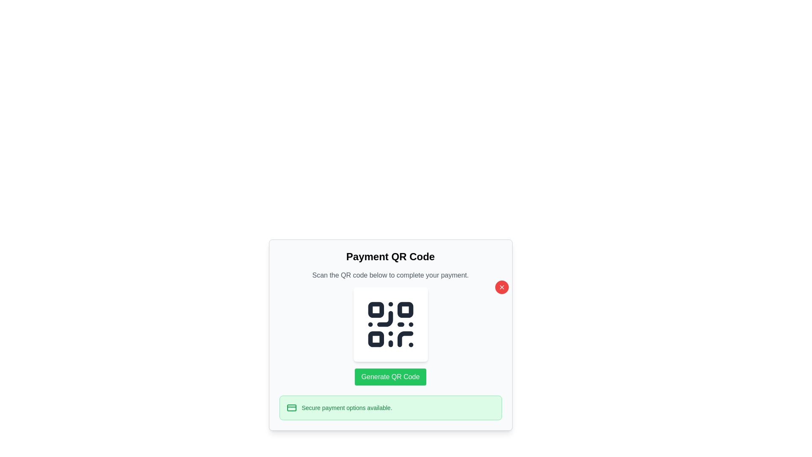  I want to click on the title text element that indicates the purpose of the payment QR code modal, which is located at the top center of the modal, so click(390, 256).